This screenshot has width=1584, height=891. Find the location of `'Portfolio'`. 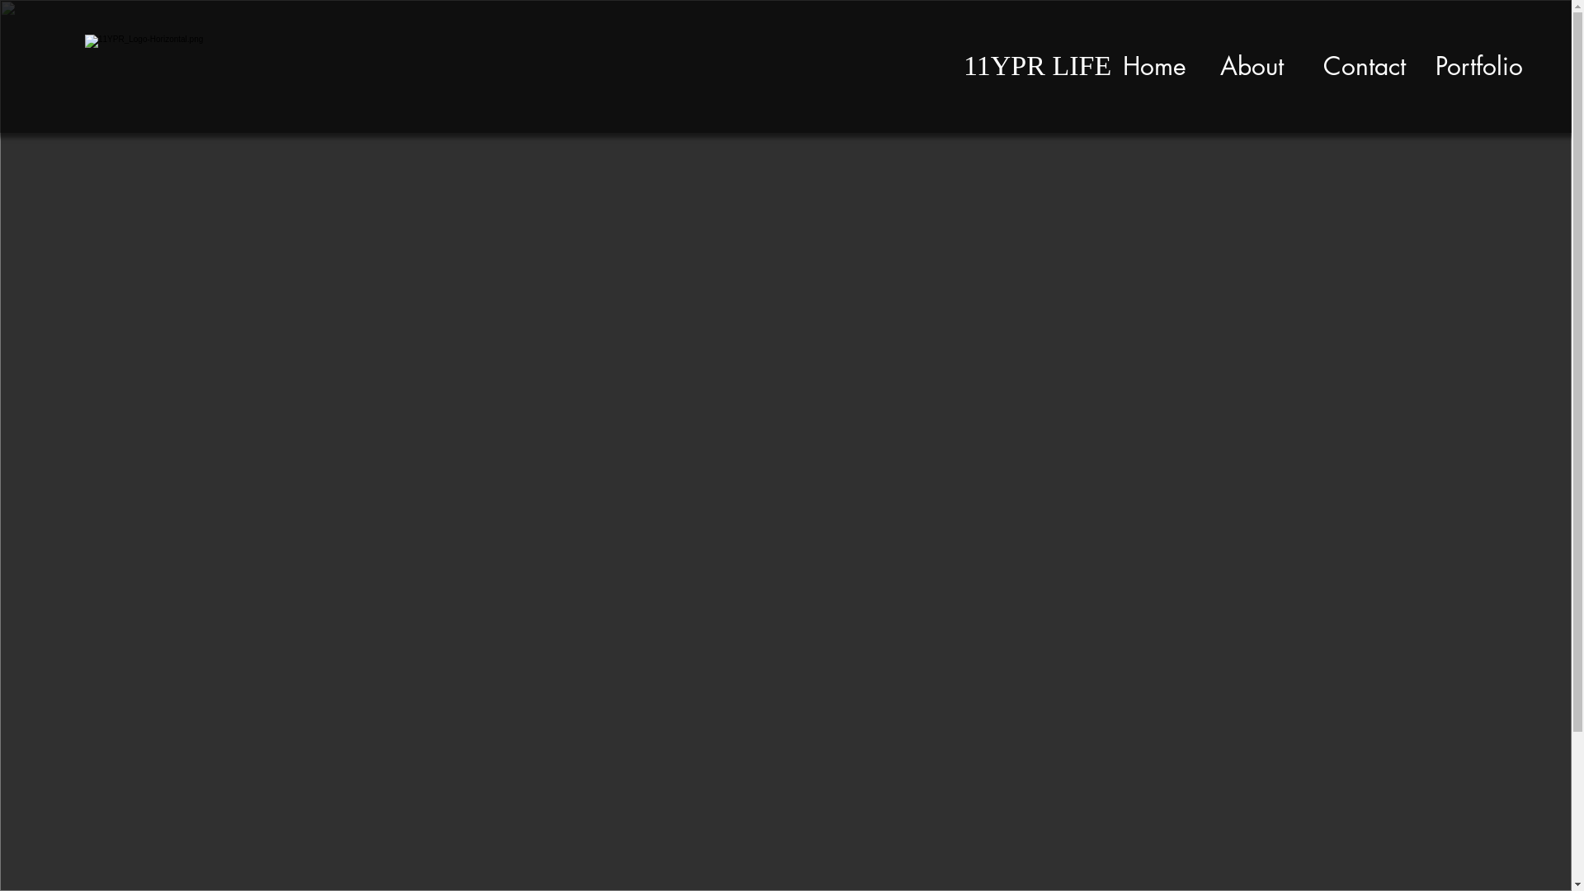

'Portfolio' is located at coordinates (1479, 65).